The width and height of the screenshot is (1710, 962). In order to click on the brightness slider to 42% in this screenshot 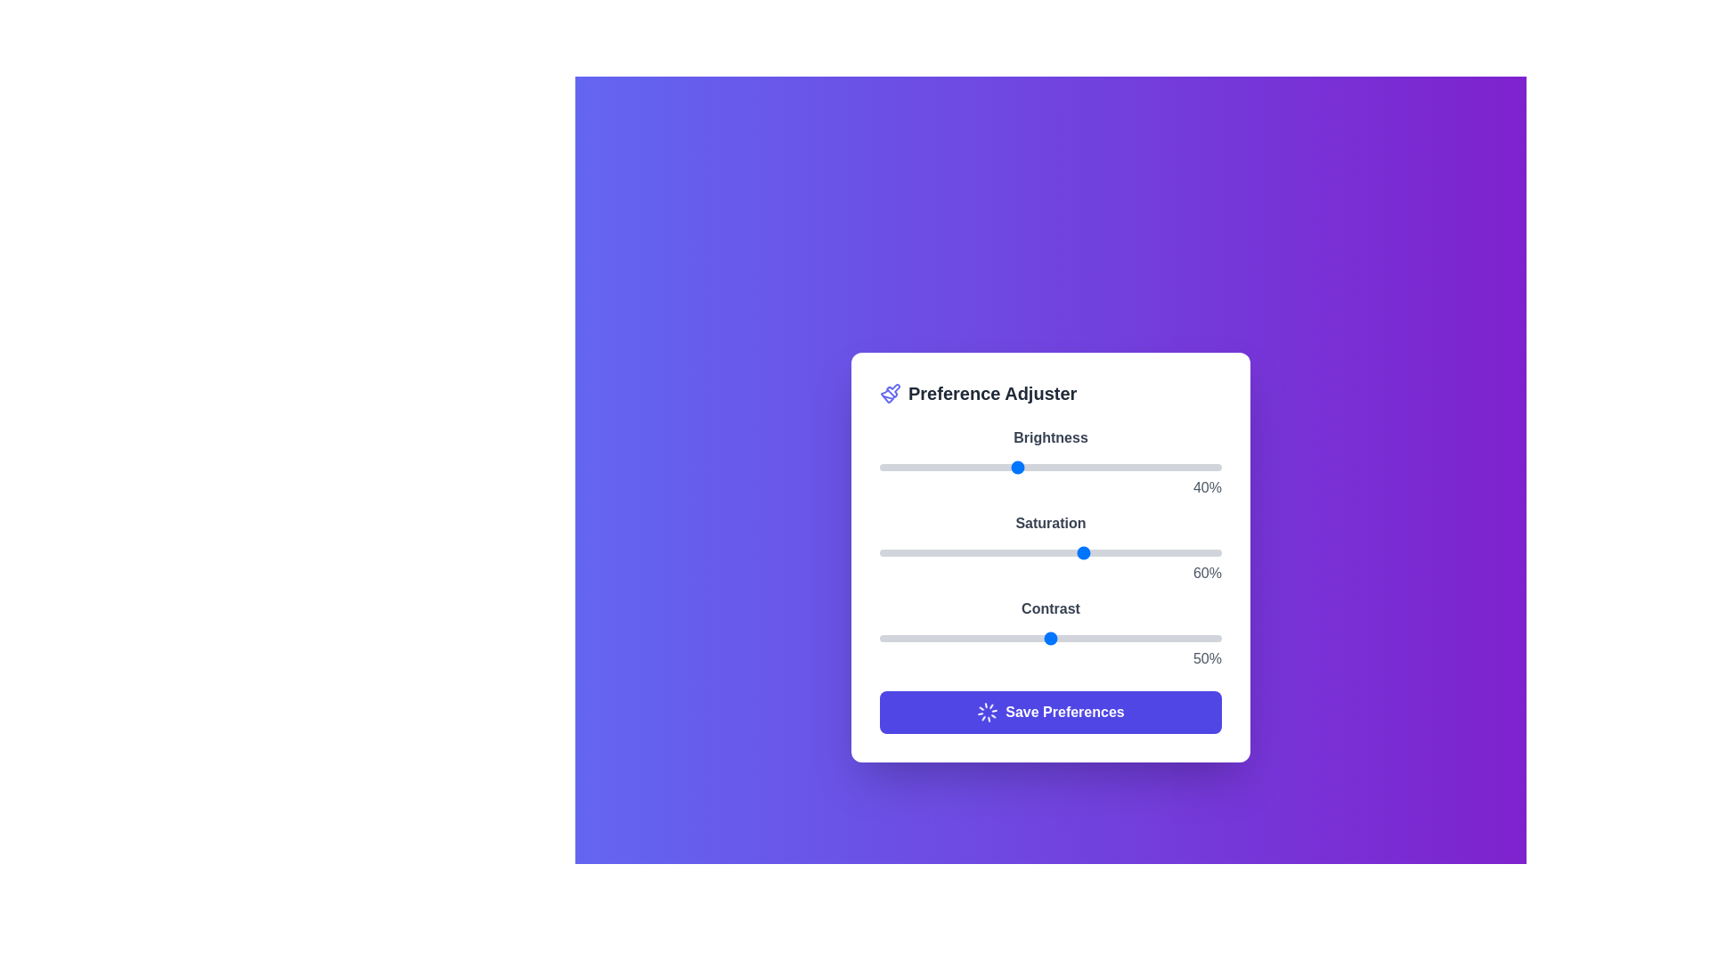, I will do `click(1023, 466)`.